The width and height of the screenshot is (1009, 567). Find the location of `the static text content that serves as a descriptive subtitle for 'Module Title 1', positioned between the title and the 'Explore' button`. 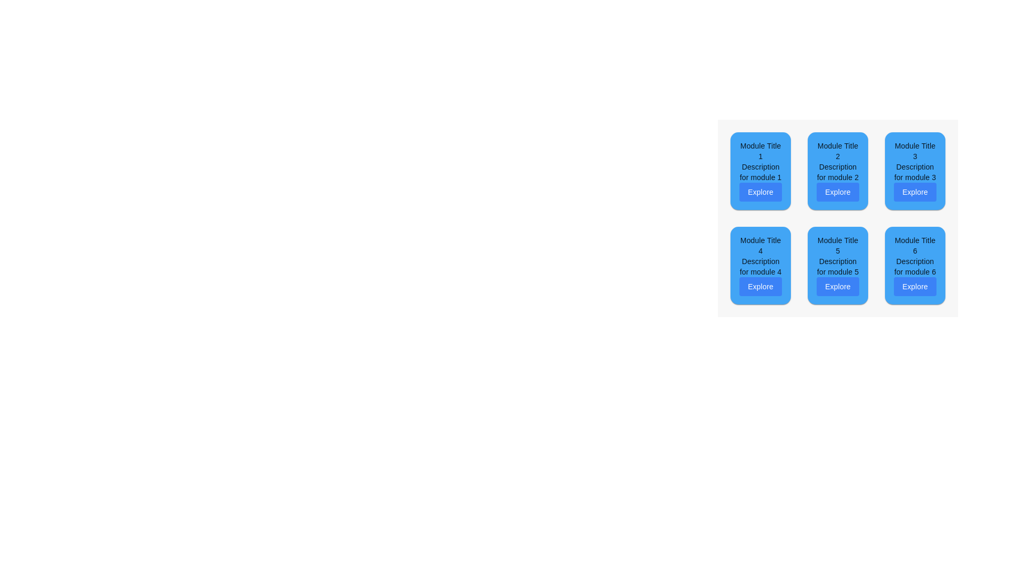

the static text content that serves as a descriptive subtitle for 'Module Title 1', positioned between the title and the 'Explore' button is located at coordinates (760, 172).